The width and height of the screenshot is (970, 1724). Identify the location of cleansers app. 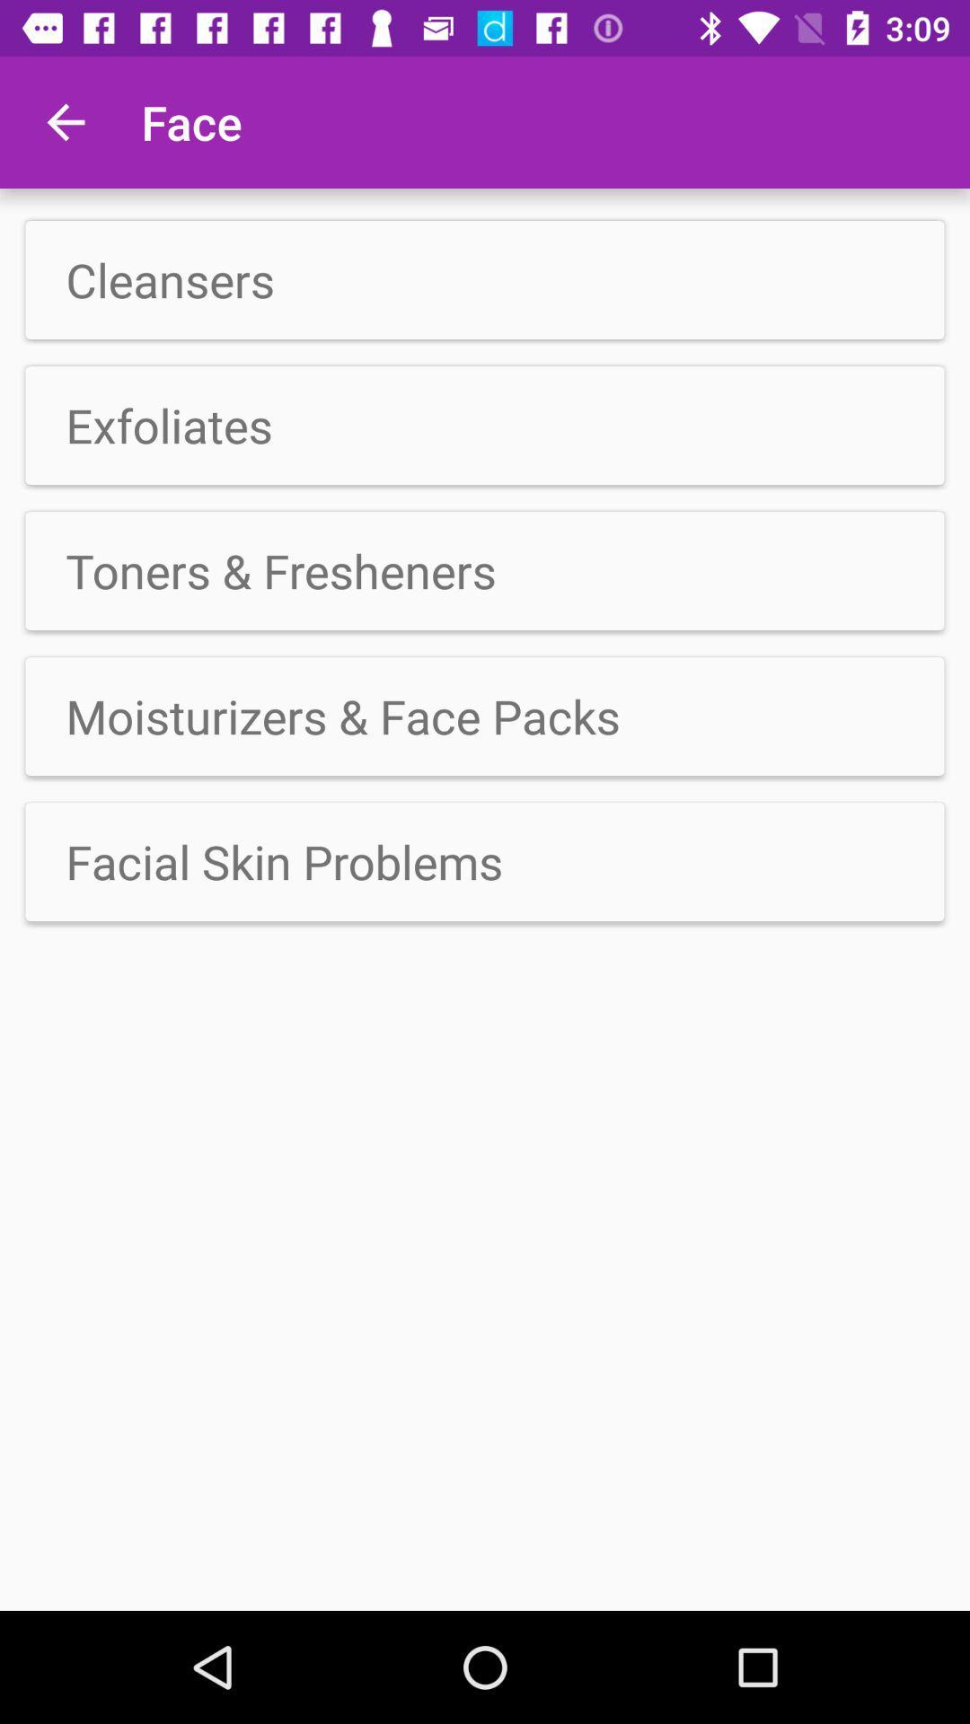
(485, 279).